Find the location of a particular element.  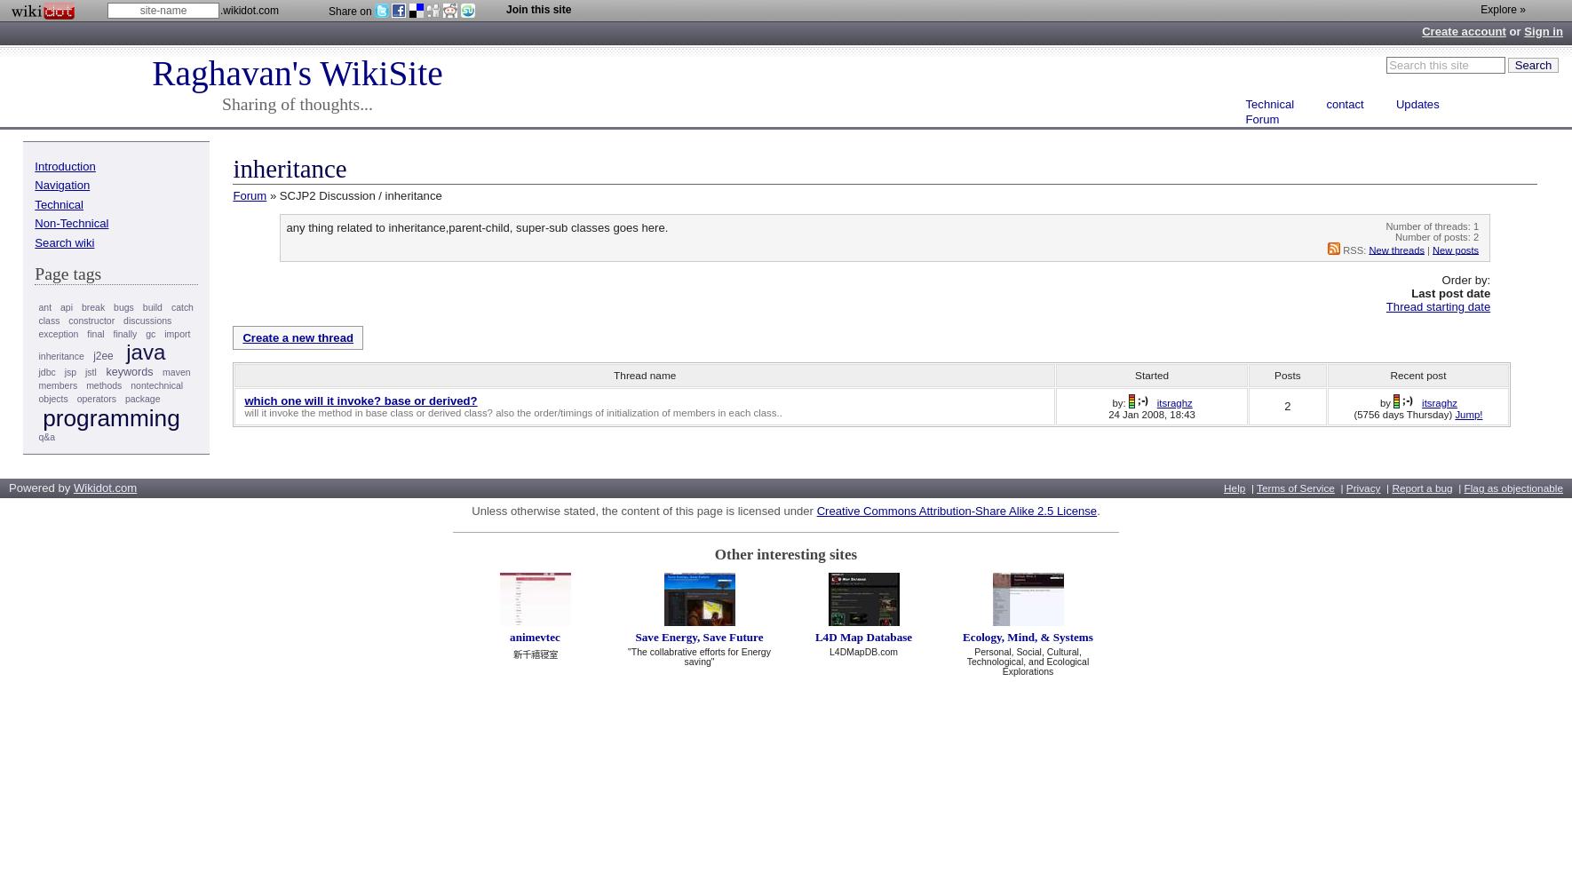

'24 Jan 2008, 18:43' is located at coordinates (1150, 413).